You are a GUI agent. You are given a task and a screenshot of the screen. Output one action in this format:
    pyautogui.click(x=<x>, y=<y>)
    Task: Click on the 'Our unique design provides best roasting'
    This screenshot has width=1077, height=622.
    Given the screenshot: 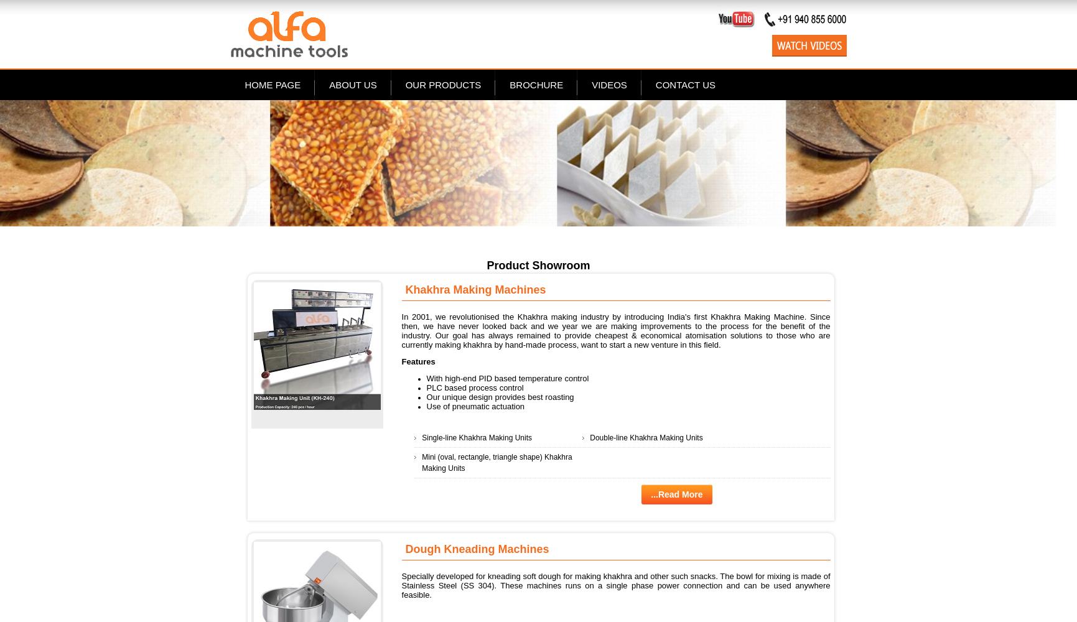 What is the action you would take?
    pyautogui.click(x=425, y=396)
    